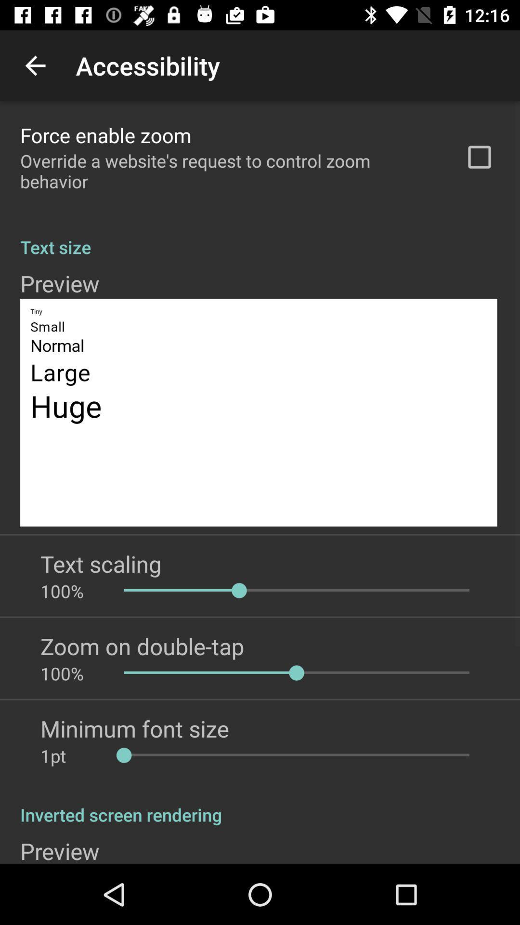 Image resolution: width=520 pixels, height=925 pixels. Describe the element at coordinates (101, 564) in the screenshot. I see `the text scaling app` at that location.